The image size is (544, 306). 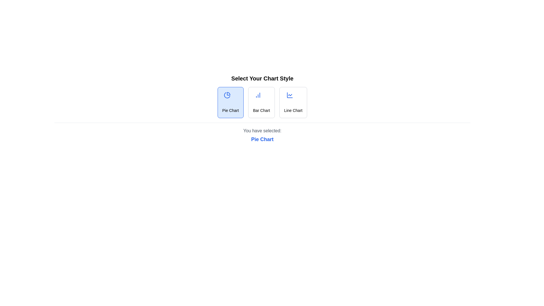 I want to click on the icon representing the 'Bar Chart' option, so click(x=258, y=95).